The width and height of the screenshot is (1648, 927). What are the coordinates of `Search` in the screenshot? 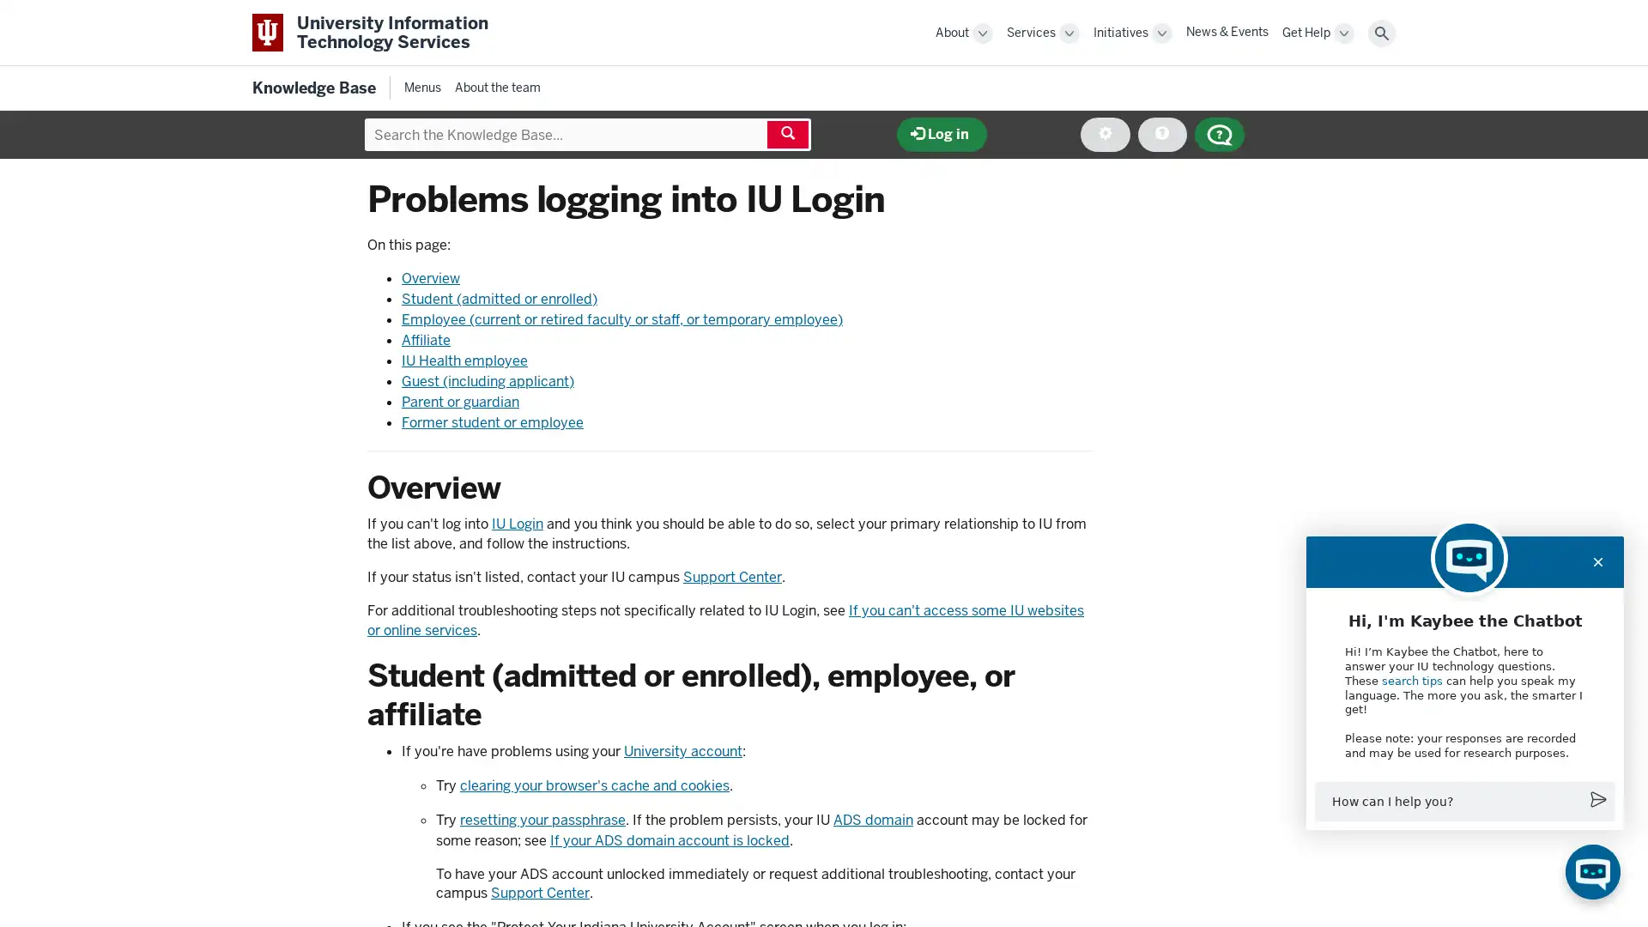 It's located at (786, 134).